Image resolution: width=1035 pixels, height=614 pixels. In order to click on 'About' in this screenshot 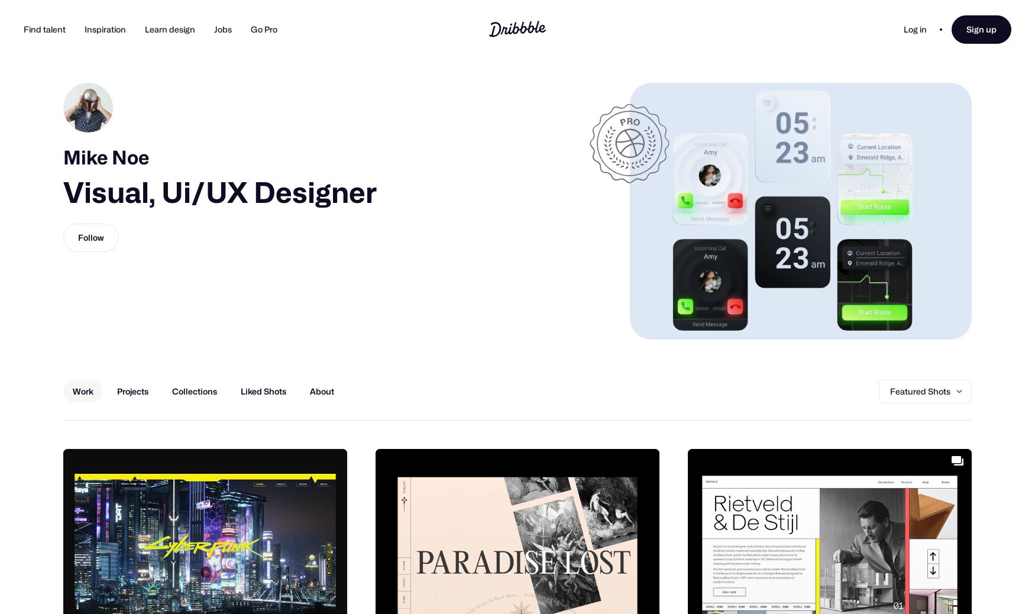, I will do `click(309, 390)`.